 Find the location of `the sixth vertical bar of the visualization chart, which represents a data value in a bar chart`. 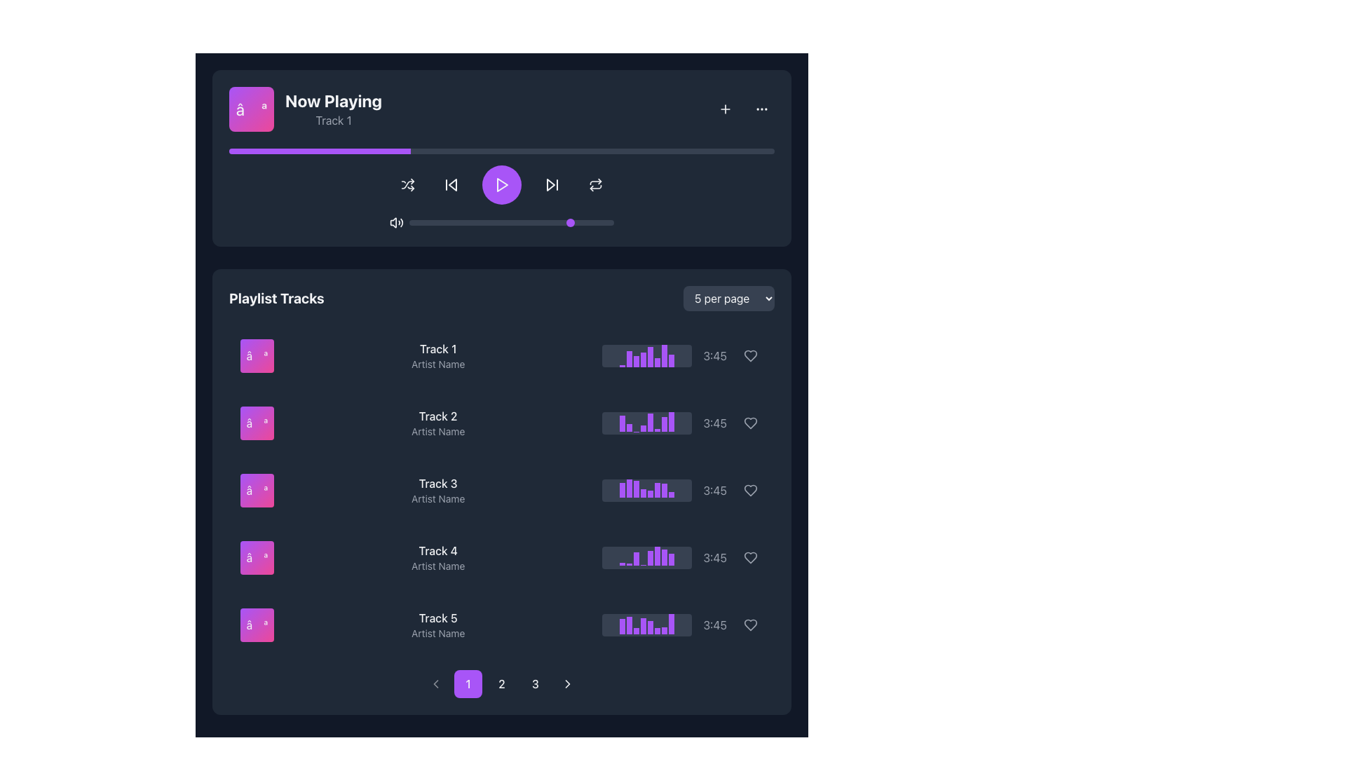

the sixth vertical bar of the visualization chart, which represents a data value in a bar chart is located at coordinates (657, 362).